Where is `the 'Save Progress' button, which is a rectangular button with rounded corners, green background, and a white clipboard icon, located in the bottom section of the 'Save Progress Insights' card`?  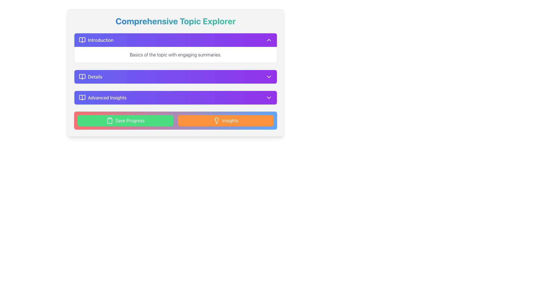 the 'Save Progress' button, which is a rectangular button with rounded corners, green background, and a white clipboard icon, located in the bottom section of the 'Save Progress Insights' card is located at coordinates (125, 120).